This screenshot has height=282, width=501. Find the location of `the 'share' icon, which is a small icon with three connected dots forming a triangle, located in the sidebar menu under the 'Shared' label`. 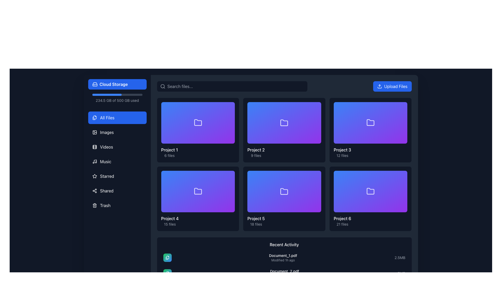

the 'share' icon, which is a small icon with three connected dots forming a triangle, located in the sidebar menu under the 'Shared' label is located at coordinates (94, 191).